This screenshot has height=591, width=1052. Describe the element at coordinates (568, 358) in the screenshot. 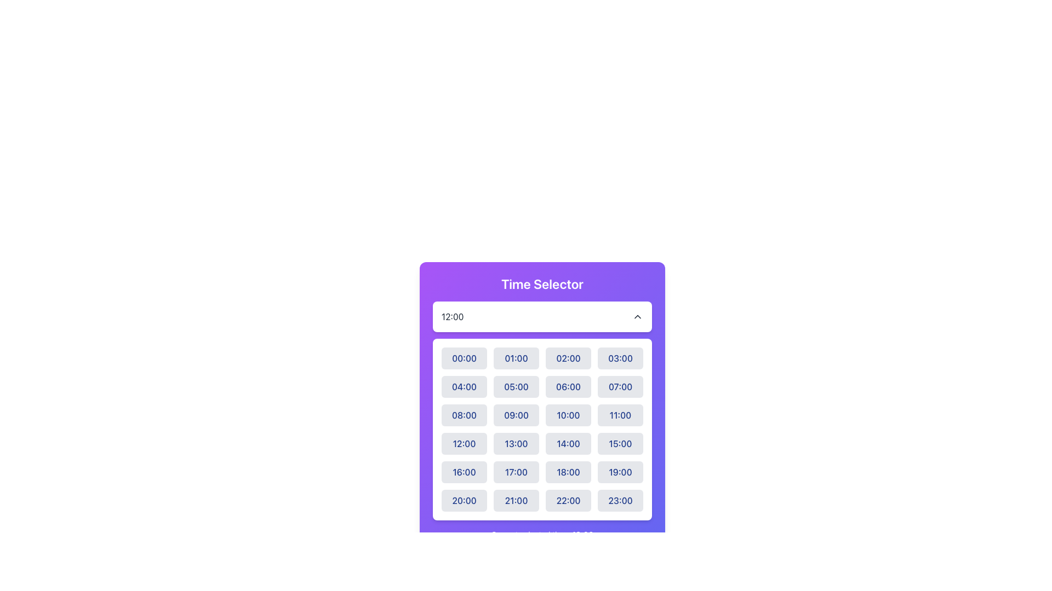

I see `the button labeled '02:00'` at that location.